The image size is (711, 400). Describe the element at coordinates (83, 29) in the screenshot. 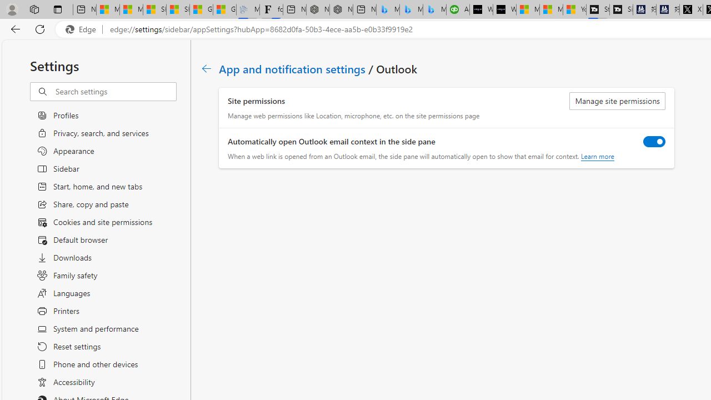

I see `'Edge'` at that location.